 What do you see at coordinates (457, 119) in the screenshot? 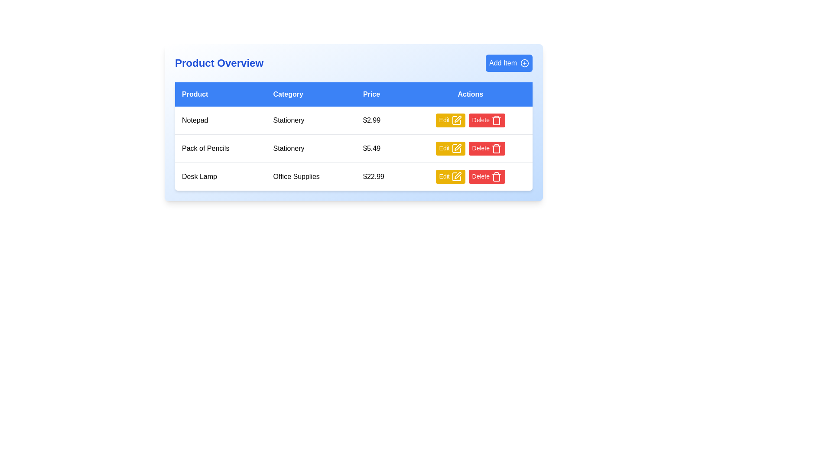
I see `the edit icon within the button in the 'Actions' column of the table for the first row corresponding to the 'Notepad' item` at bounding box center [457, 119].